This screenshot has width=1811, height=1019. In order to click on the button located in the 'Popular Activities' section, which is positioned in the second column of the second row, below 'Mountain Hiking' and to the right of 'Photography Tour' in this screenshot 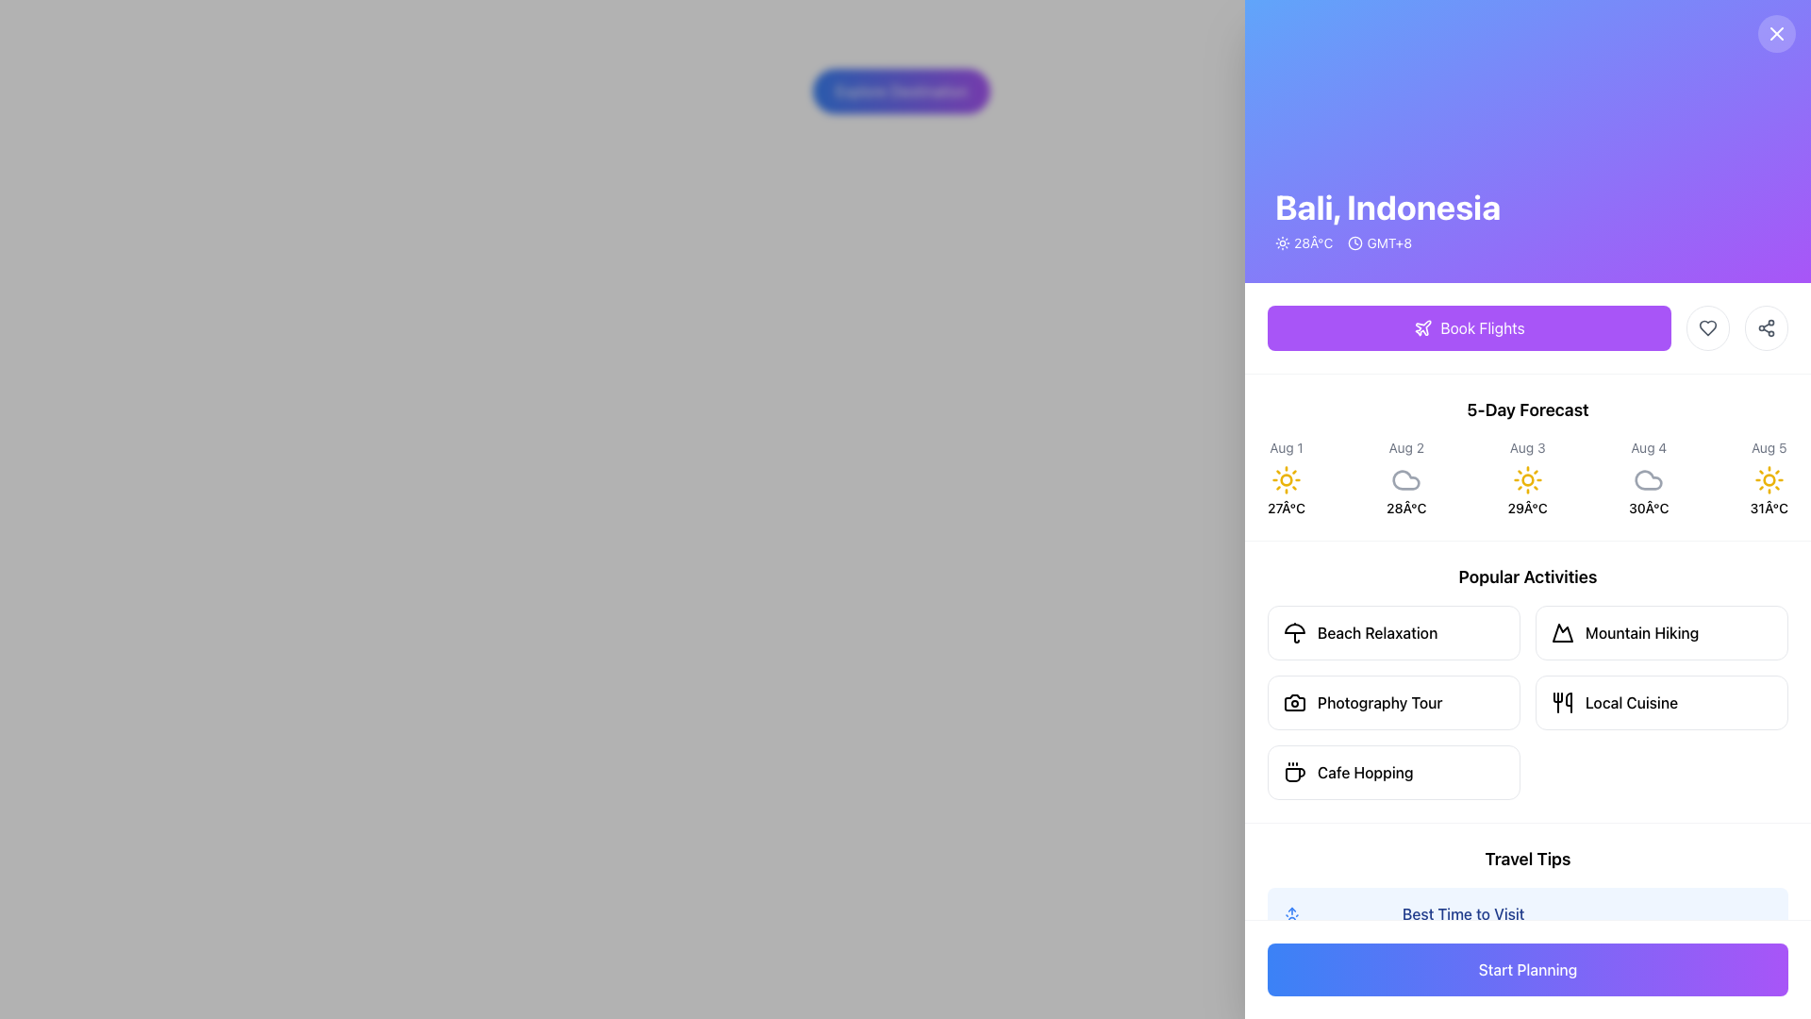, I will do `click(1661, 702)`.